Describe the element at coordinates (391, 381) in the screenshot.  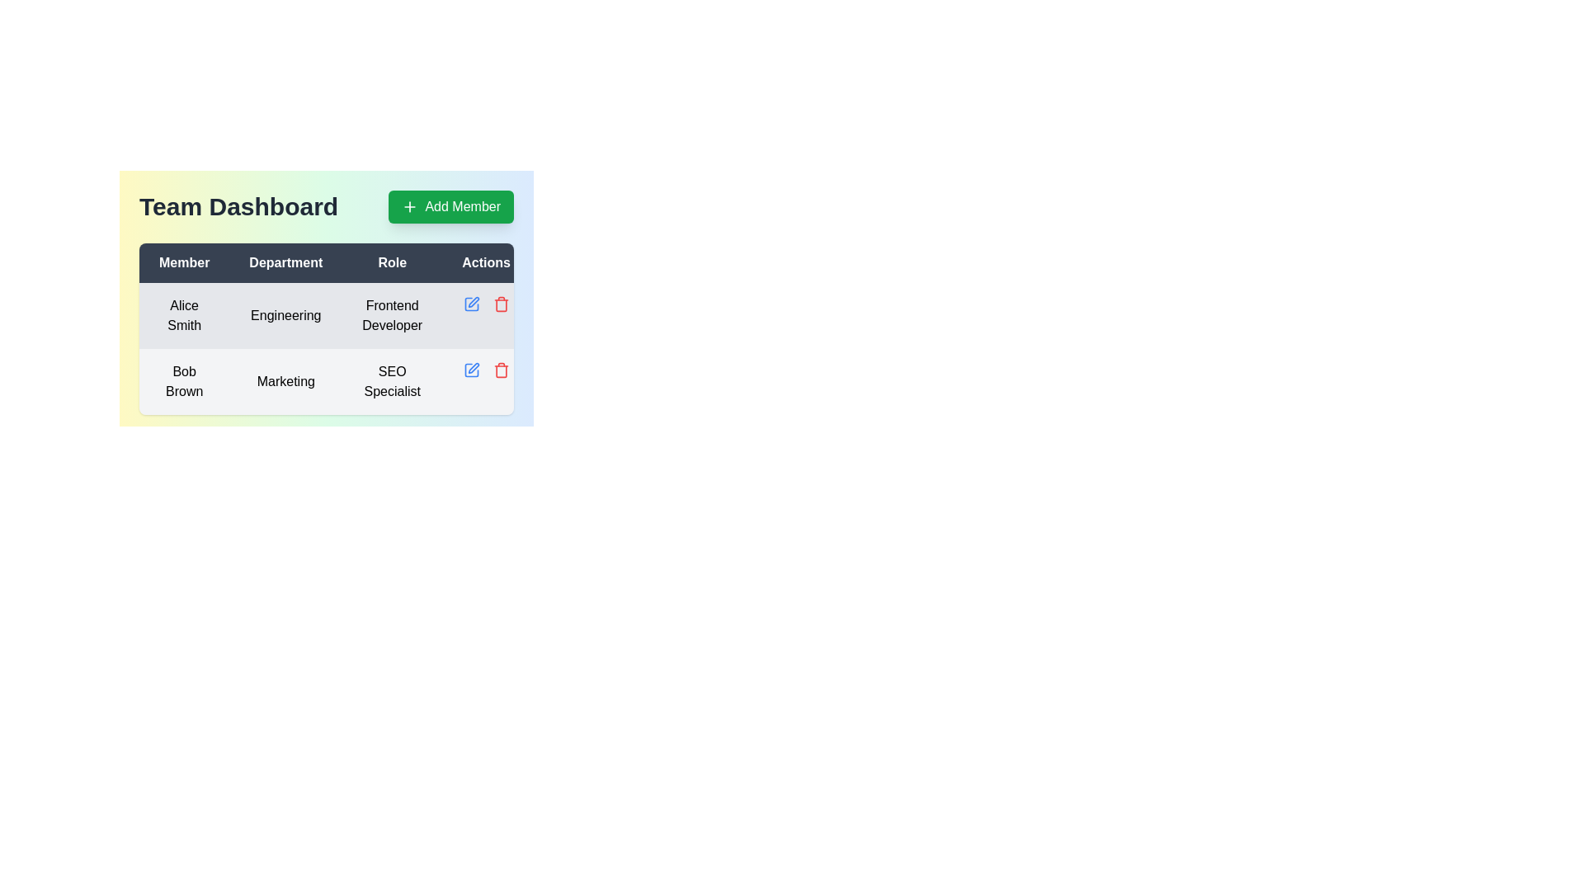
I see `the Text Label that contains the text 'SEO Specialist' located in the second row under the 'Role' column of the table aligned with user 'Bob Brown' from the 'Marketing' department` at that location.